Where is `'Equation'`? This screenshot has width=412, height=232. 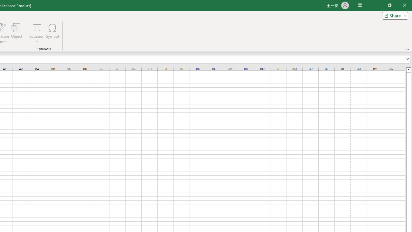 'Equation' is located at coordinates (37, 33).